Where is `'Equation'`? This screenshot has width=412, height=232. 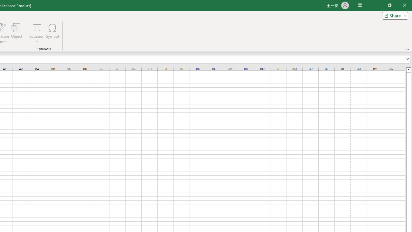 'Equation' is located at coordinates (37, 33).